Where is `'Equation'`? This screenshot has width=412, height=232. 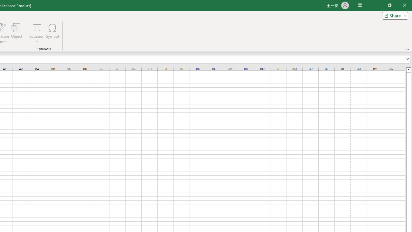 'Equation' is located at coordinates (37, 33).